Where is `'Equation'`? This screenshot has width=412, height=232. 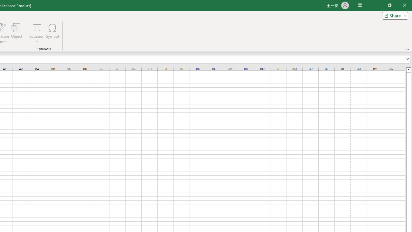 'Equation' is located at coordinates (37, 33).